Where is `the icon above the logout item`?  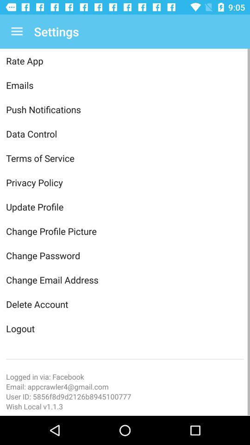
the icon above the logout item is located at coordinates (125, 304).